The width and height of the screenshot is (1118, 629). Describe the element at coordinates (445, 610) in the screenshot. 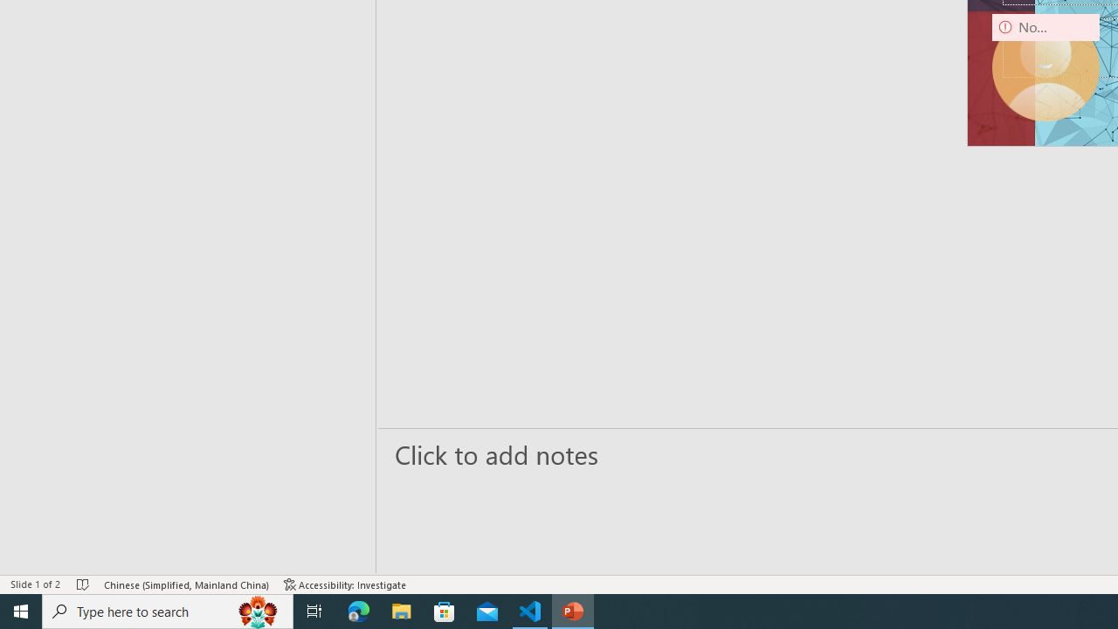

I see `'Microsoft Store'` at that location.